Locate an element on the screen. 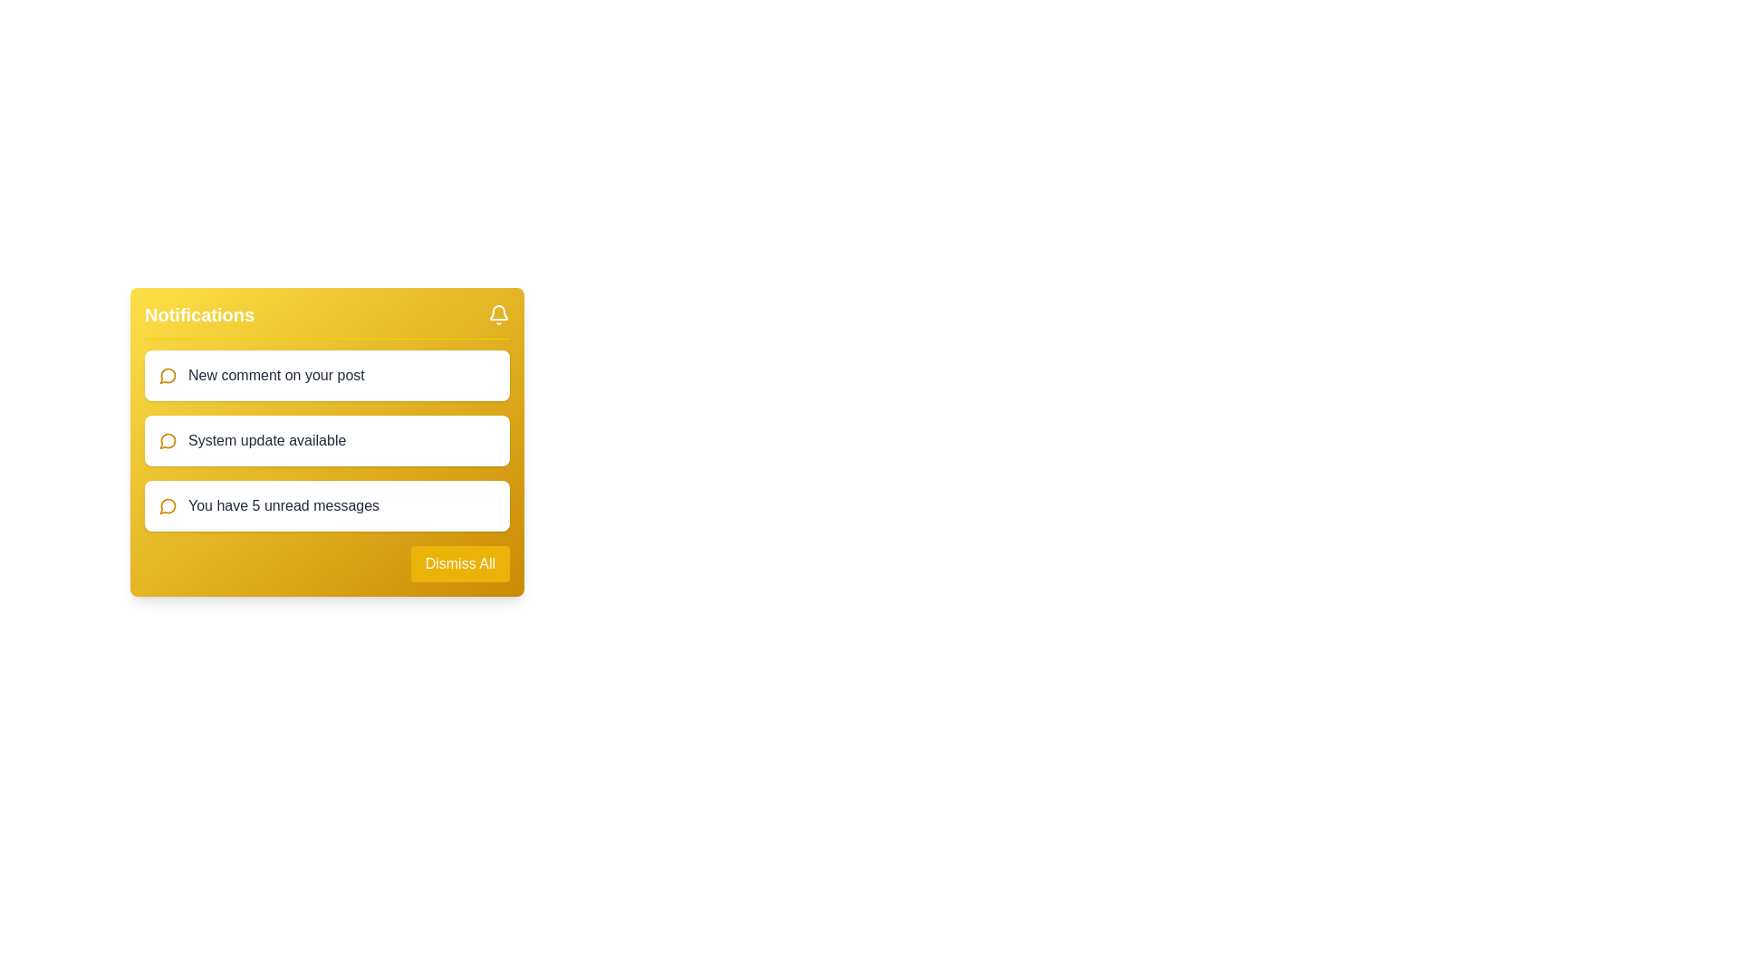 The height and width of the screenshot is (978, 1739). the SVG graphical element that serves as a visual icon for chat or notification features, located at the middle-right of the notification card is located at coordinates (168, 506).